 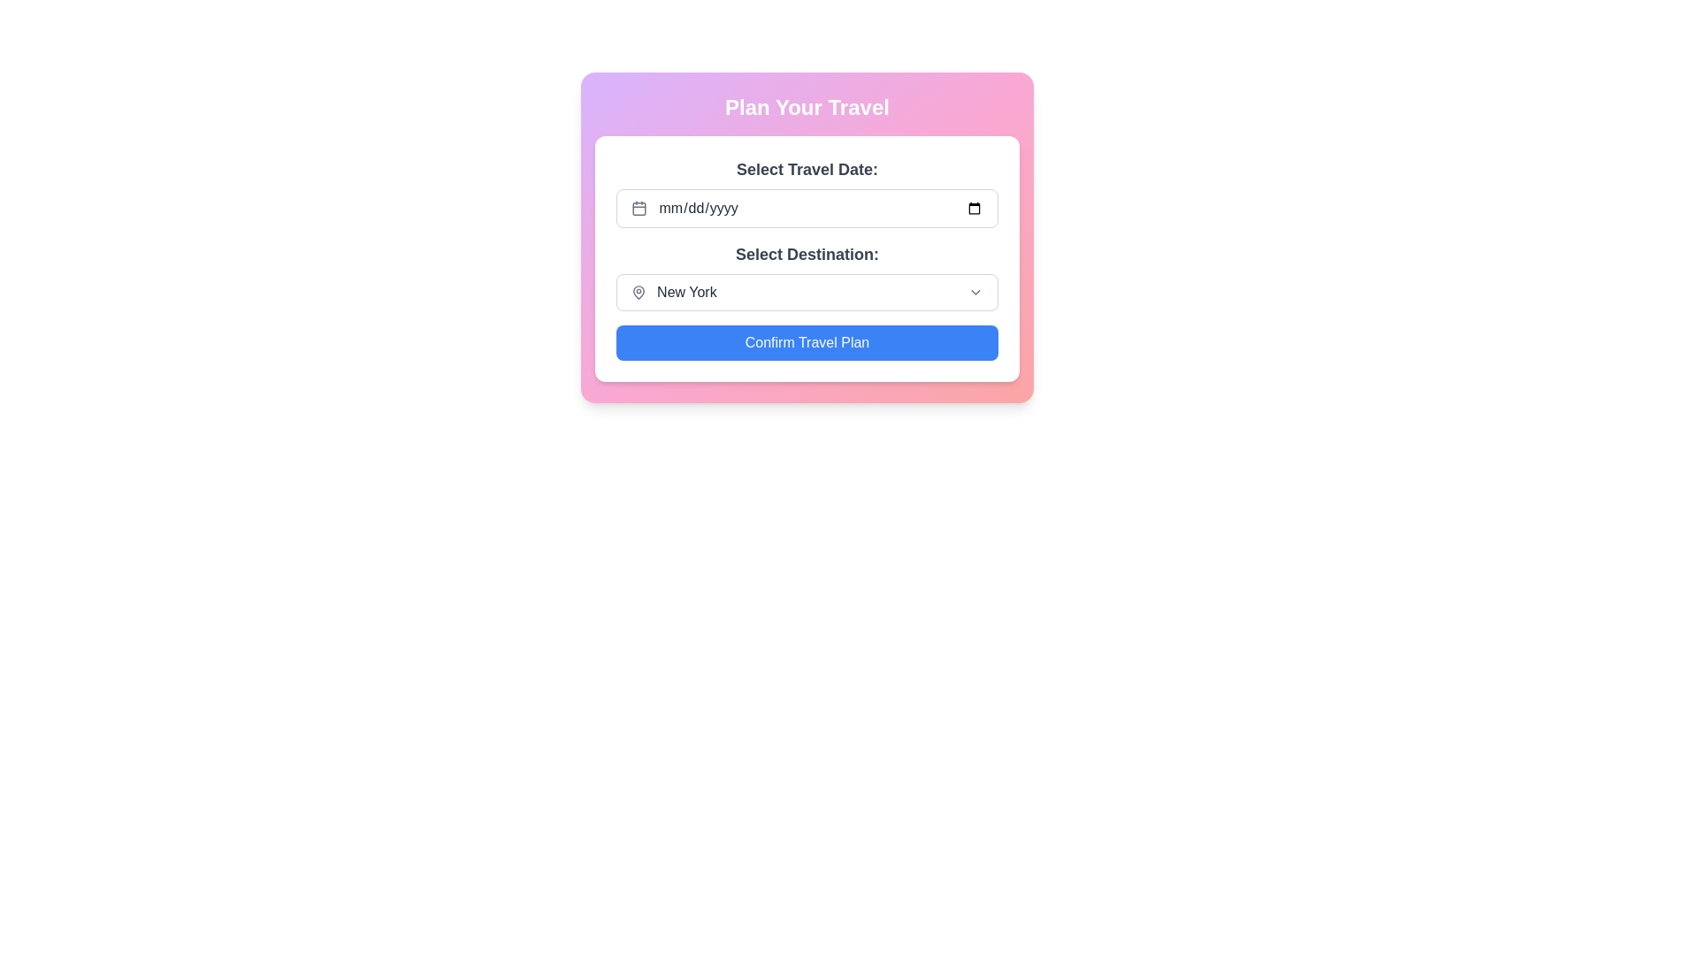 I want to click on the calendar icon component, which is a rectangular shape with rounded corners, located to the left of the 'mm/dd/yyyy' text input field under the 'Select Travel Date:' label, so click(x=639, y=208).